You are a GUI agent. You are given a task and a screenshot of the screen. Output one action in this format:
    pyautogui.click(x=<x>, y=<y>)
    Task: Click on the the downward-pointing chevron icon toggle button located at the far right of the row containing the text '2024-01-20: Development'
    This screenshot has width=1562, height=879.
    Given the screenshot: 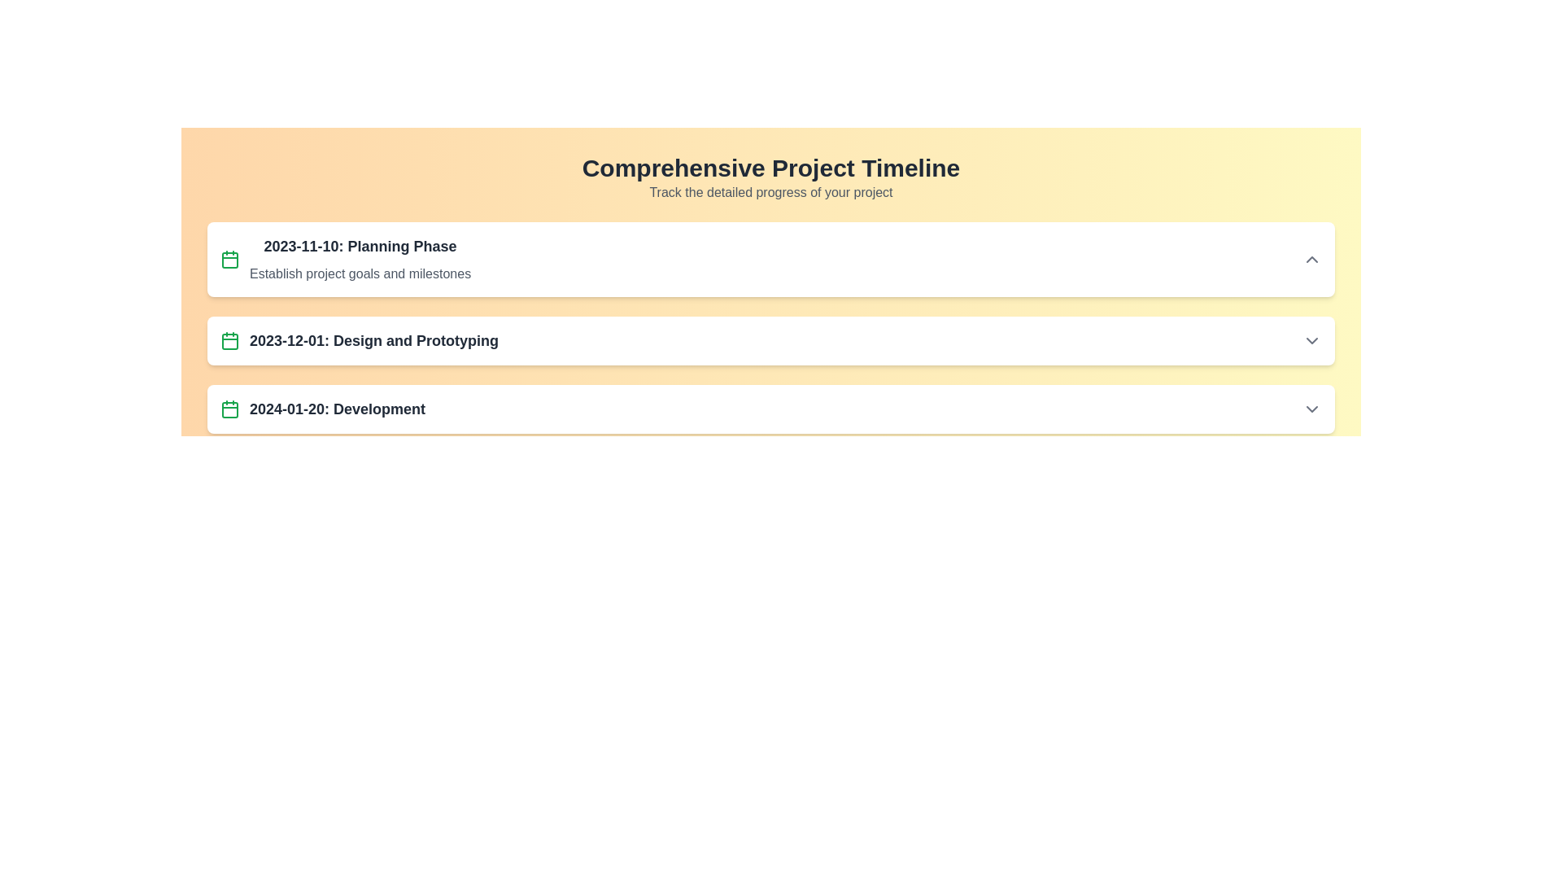 What is the action you would take?
    pyautogui.click(x=1311, y=408)
    